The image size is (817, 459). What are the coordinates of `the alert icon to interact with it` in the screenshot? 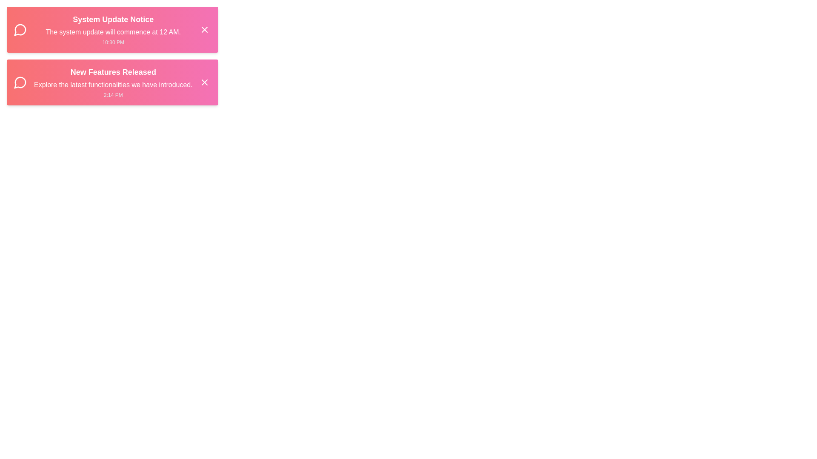 It's located at (20, 29).